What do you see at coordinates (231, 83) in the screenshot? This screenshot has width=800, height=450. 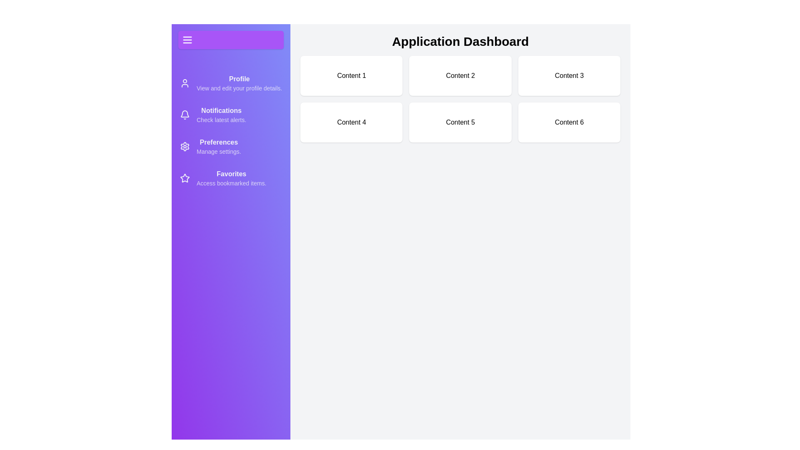 I see `the menu item Profile to view its hover effect` at bounding box center [231, 83].